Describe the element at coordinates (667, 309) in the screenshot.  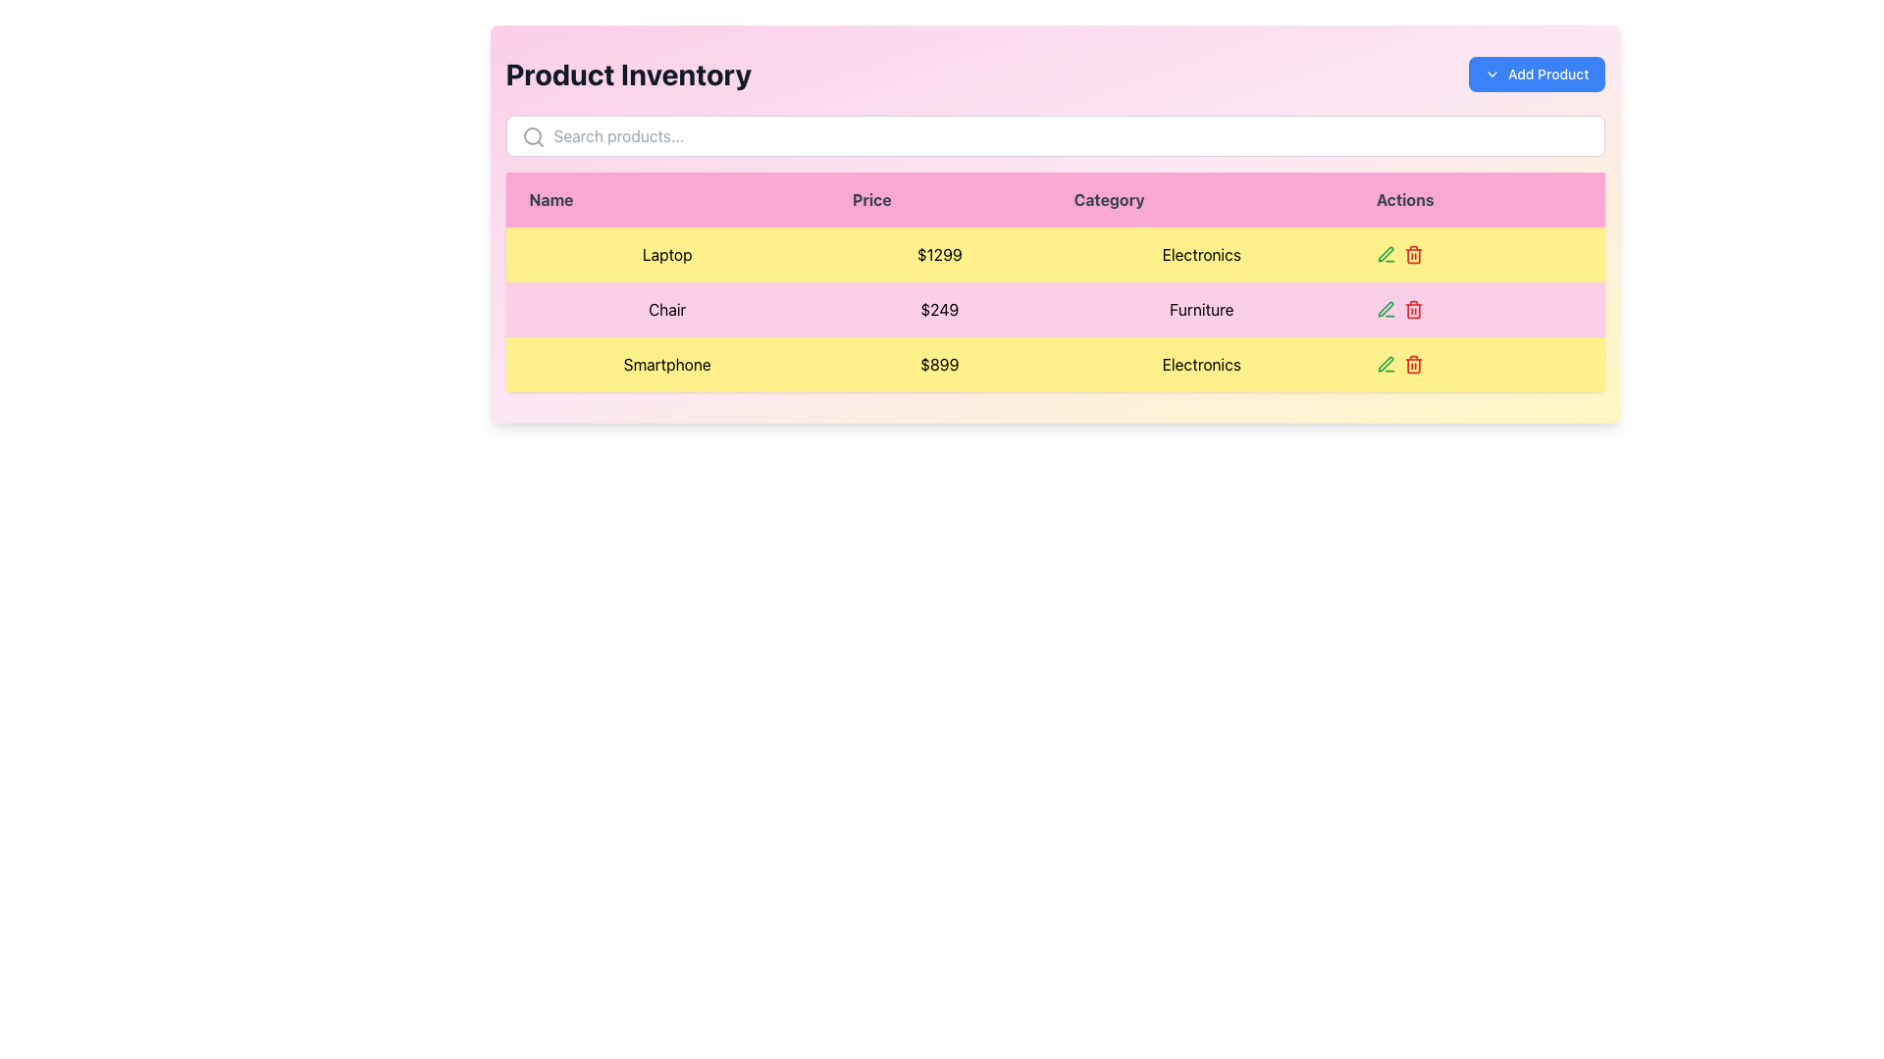
I see `the text label displaying 'Chair' located in the first cell of the second row under the 'Name' column of the table` at that location.